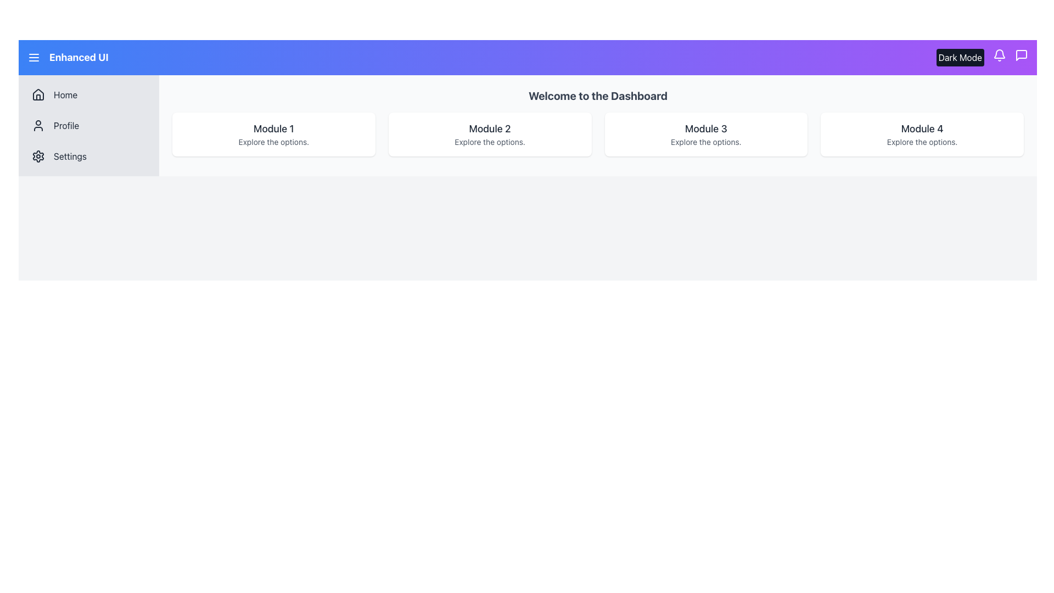 This screenshot has height=593, width=1054. Describe the element at coordinates (38, 156) in the screenshot. I see `the gear-shaped icon that symbolizes settings, located to the left of the 'Settings' label in the vertical navigation menu` at that location.